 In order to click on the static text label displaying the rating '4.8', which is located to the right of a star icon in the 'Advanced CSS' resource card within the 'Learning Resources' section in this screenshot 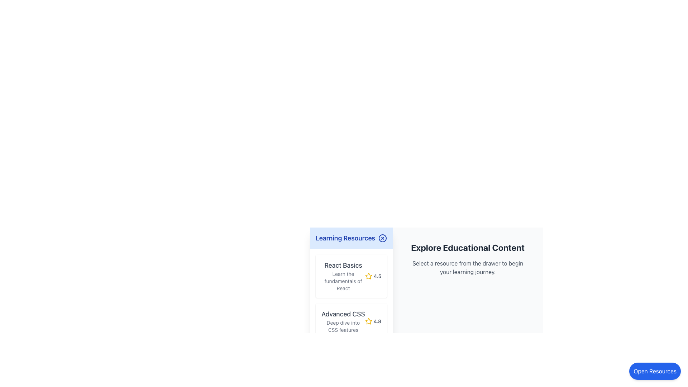, I will do `click(377, 321)`.